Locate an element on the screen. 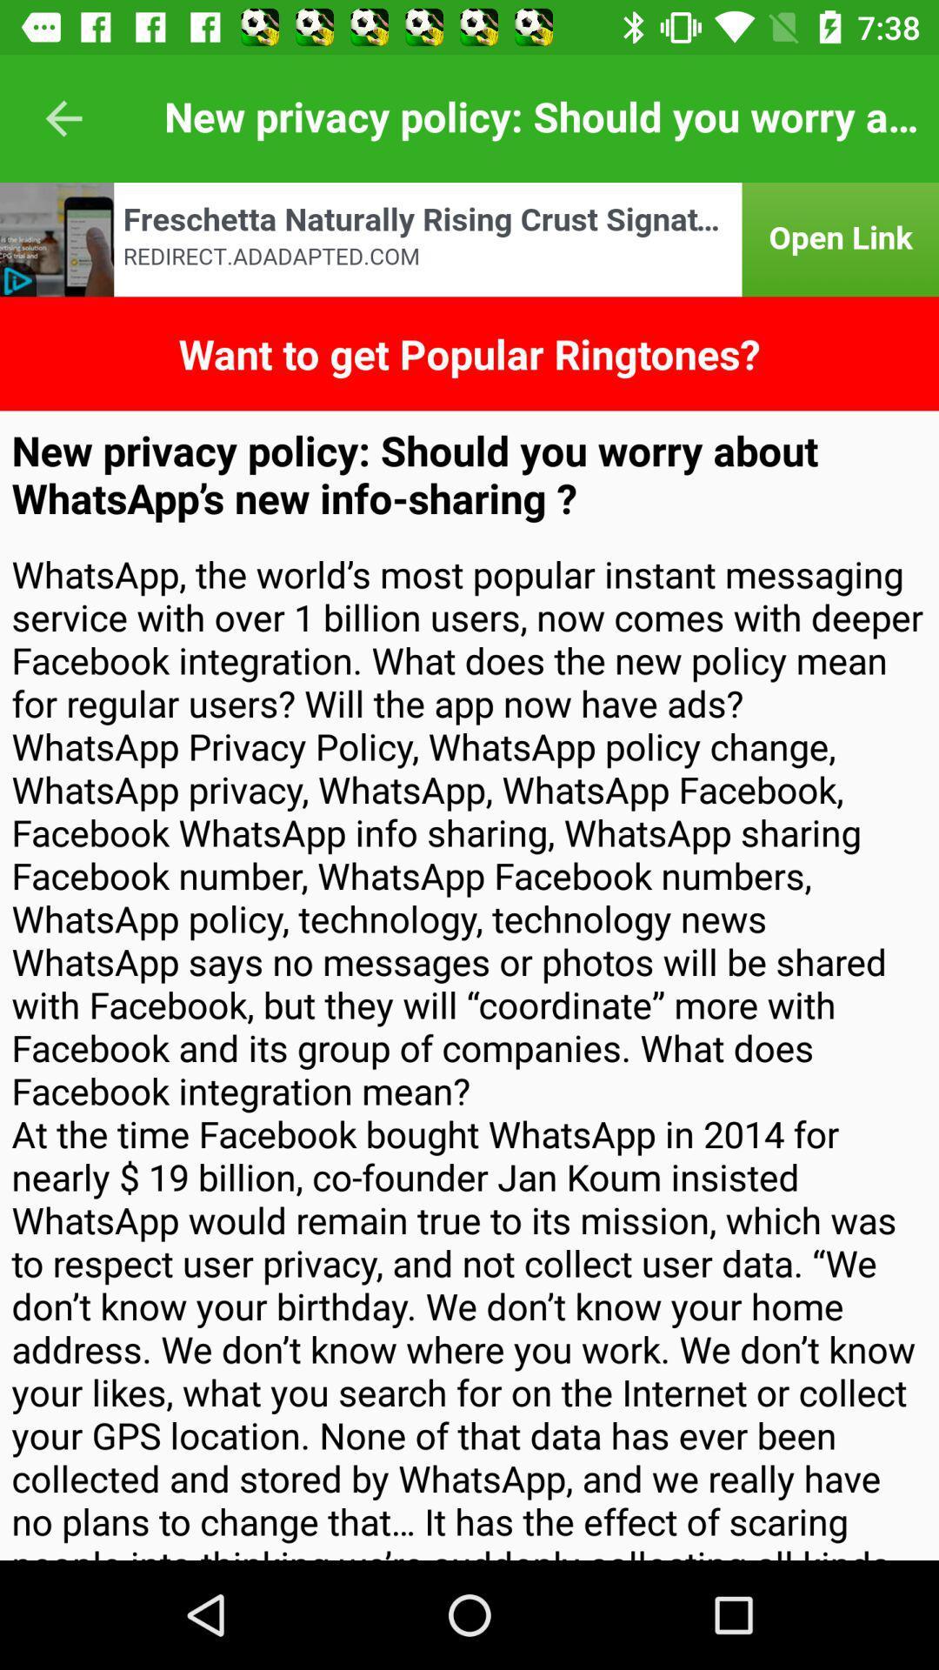 This screenshot has height=1670, width=939. item above the want to get item is located at coordinates (469, 238).